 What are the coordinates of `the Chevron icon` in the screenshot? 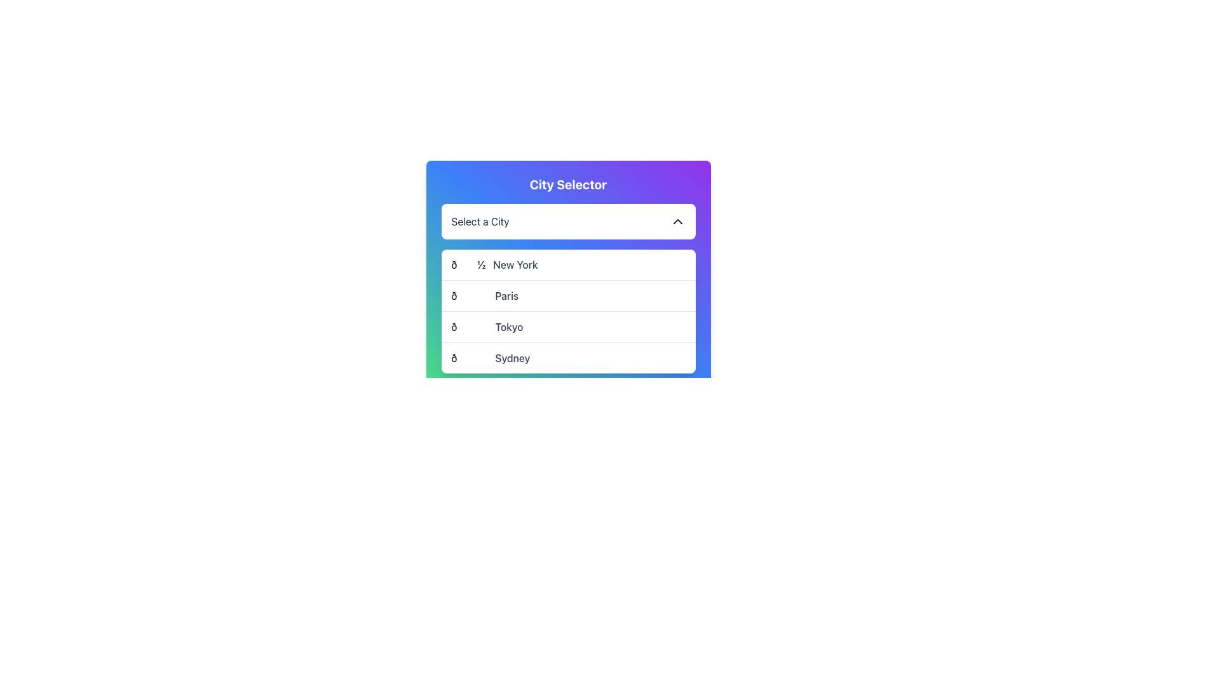 It's located at (677, 220).